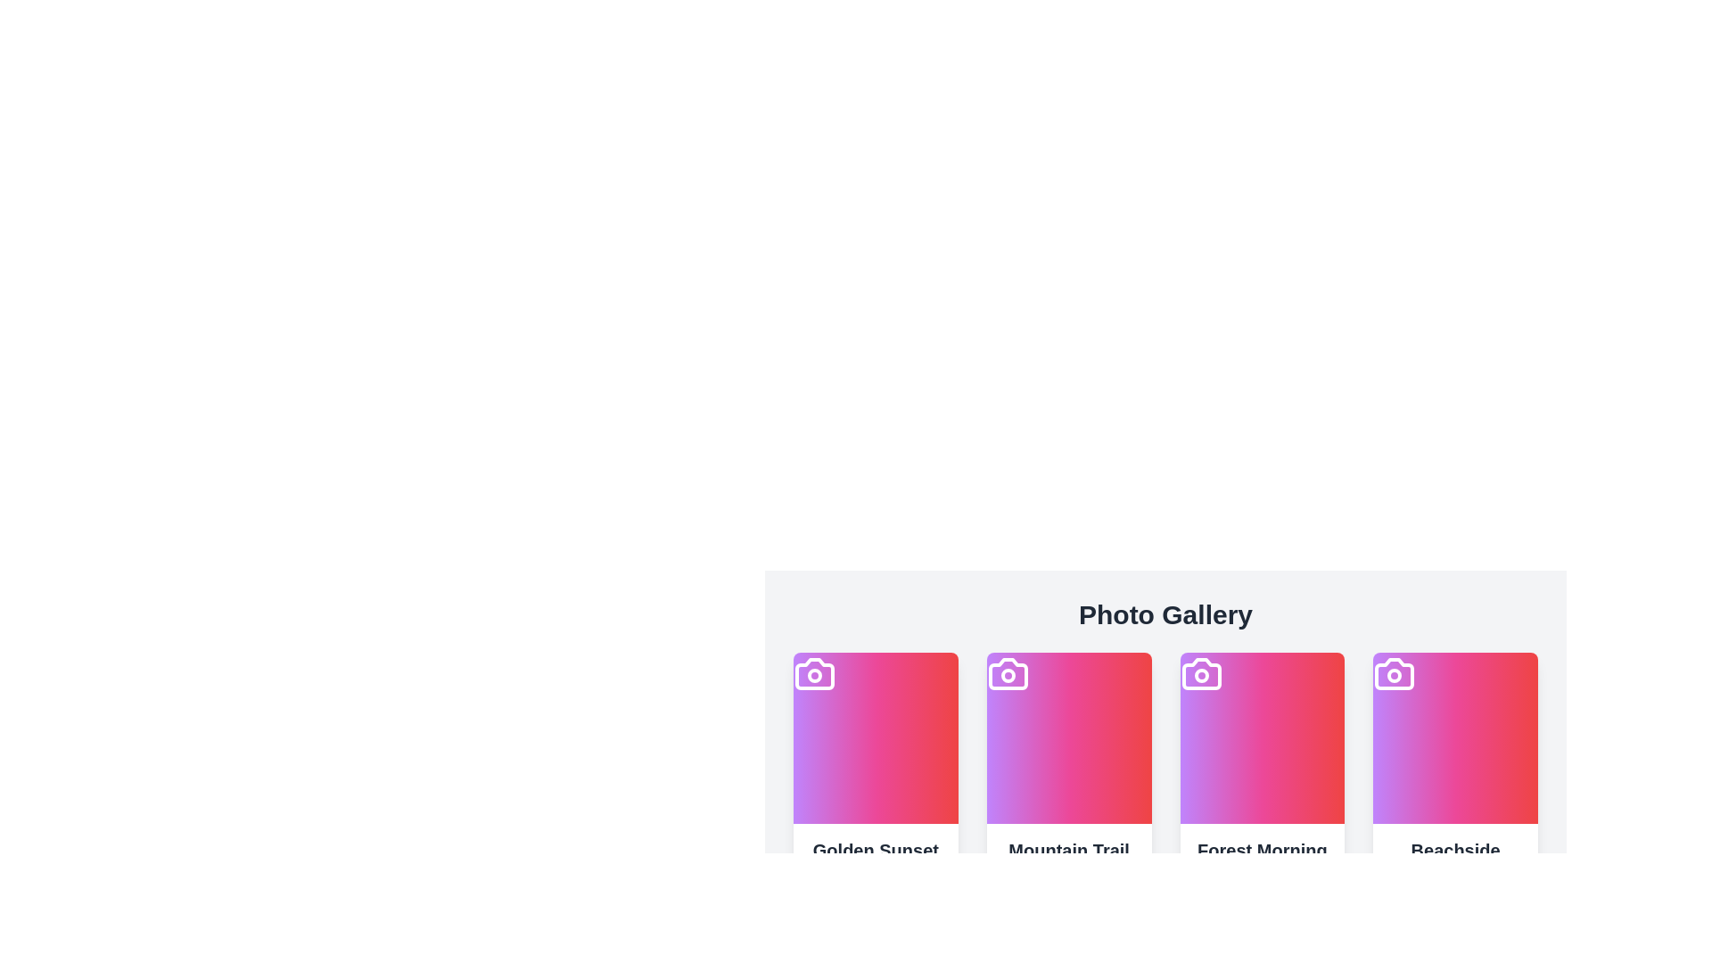  What do you see at coordinates (876, 849) in the screenshot?
I see `the 'Golden Sunset' text label, which is styled in bold and large dark gray font, located at the bottom-left of the first card in the 'Photo Gallery' interface` at bounding box center [876, 849].